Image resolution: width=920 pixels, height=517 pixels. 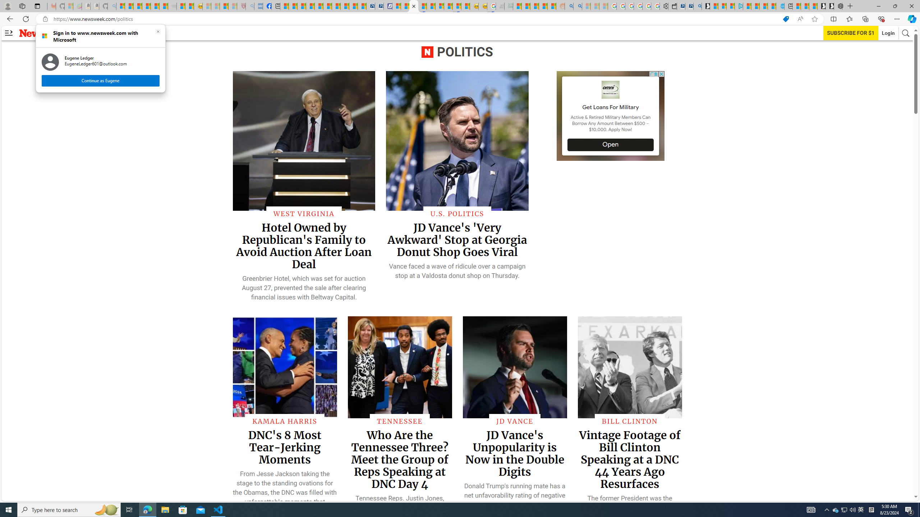 What do you see at coordinates (577, 6) in the screenshot?
I see `'Utah sues federal government - Search'` at bounding box center [577, 6].